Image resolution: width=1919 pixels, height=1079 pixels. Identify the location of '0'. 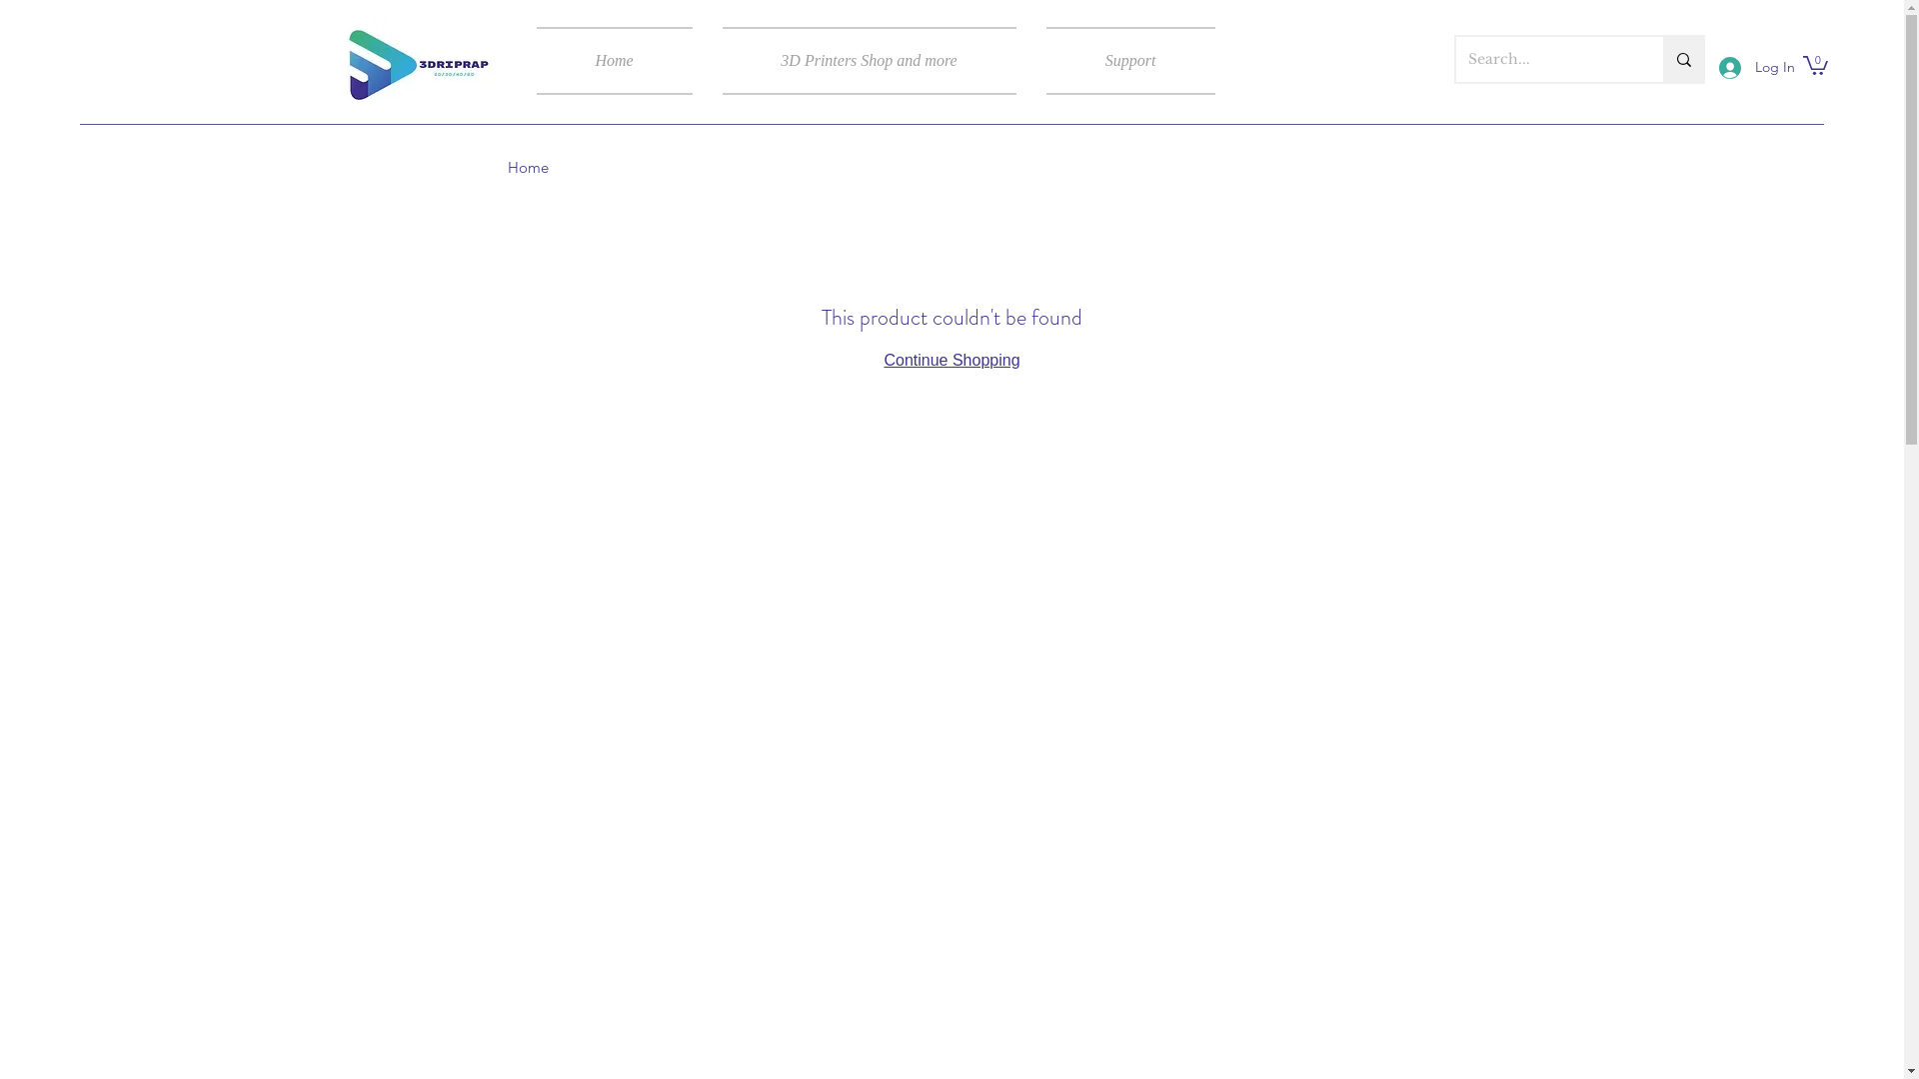
(1815, 63).